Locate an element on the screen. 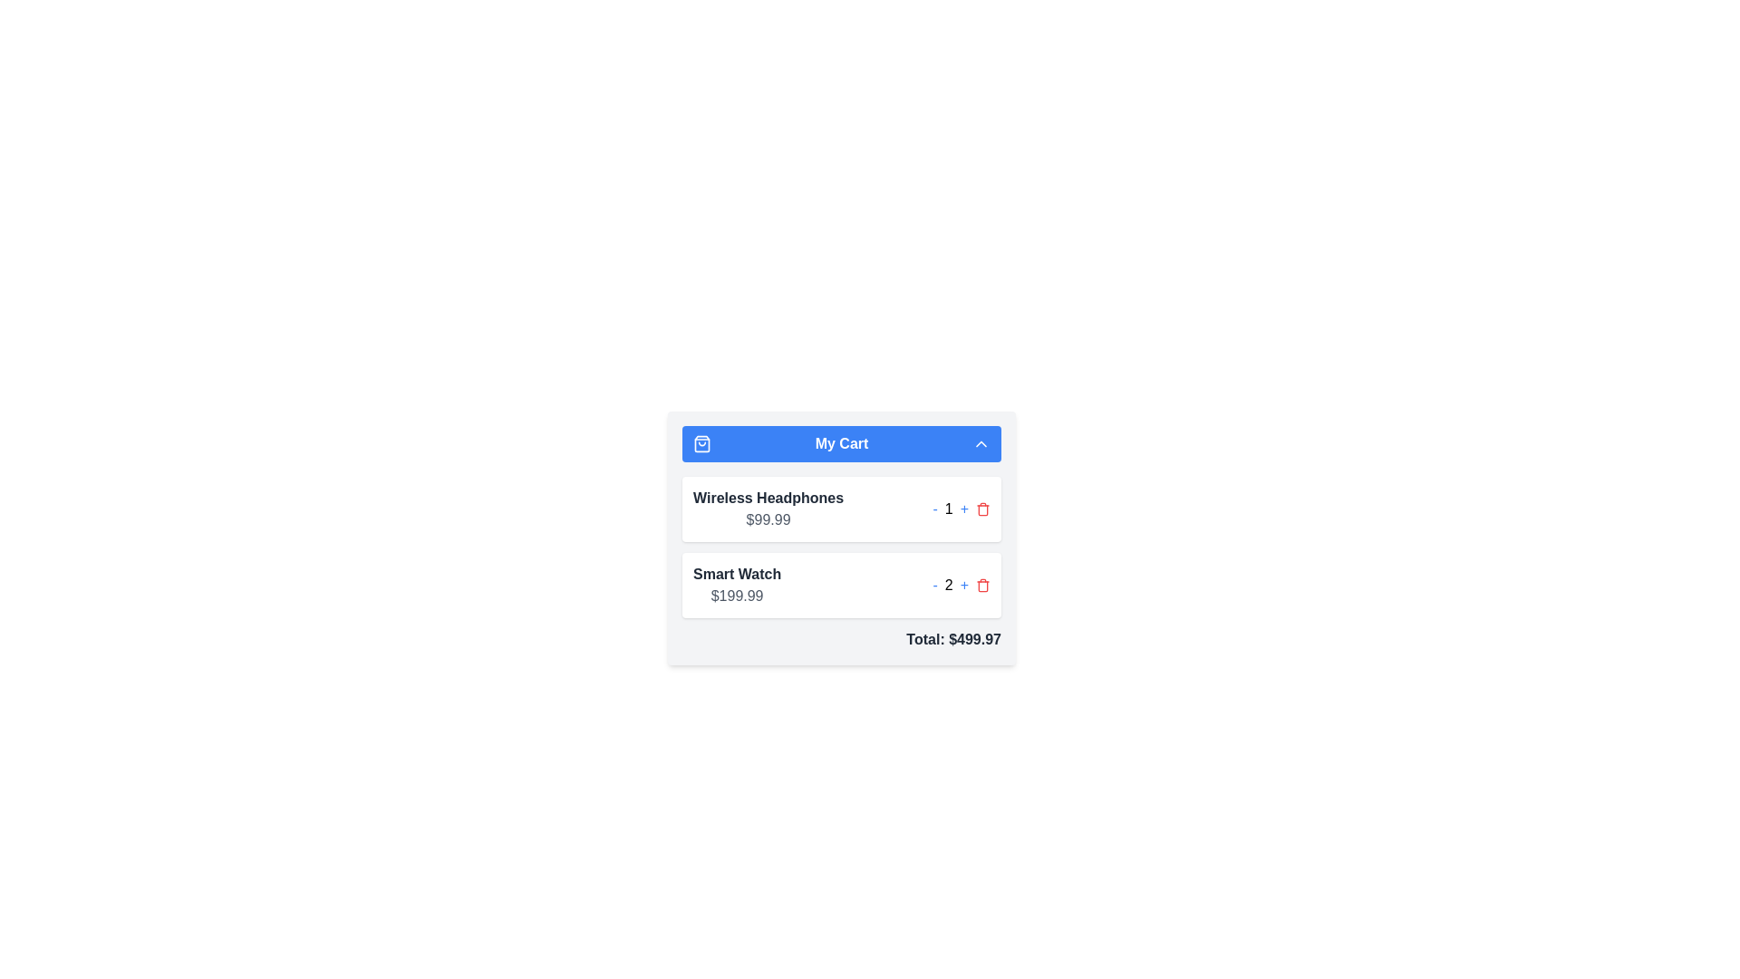 The image size is (1740, 979). the price display for the product 'Wireless Headphones' in the 'My Cart' section of the shopping cart interface is located at coordinates (768, 520).